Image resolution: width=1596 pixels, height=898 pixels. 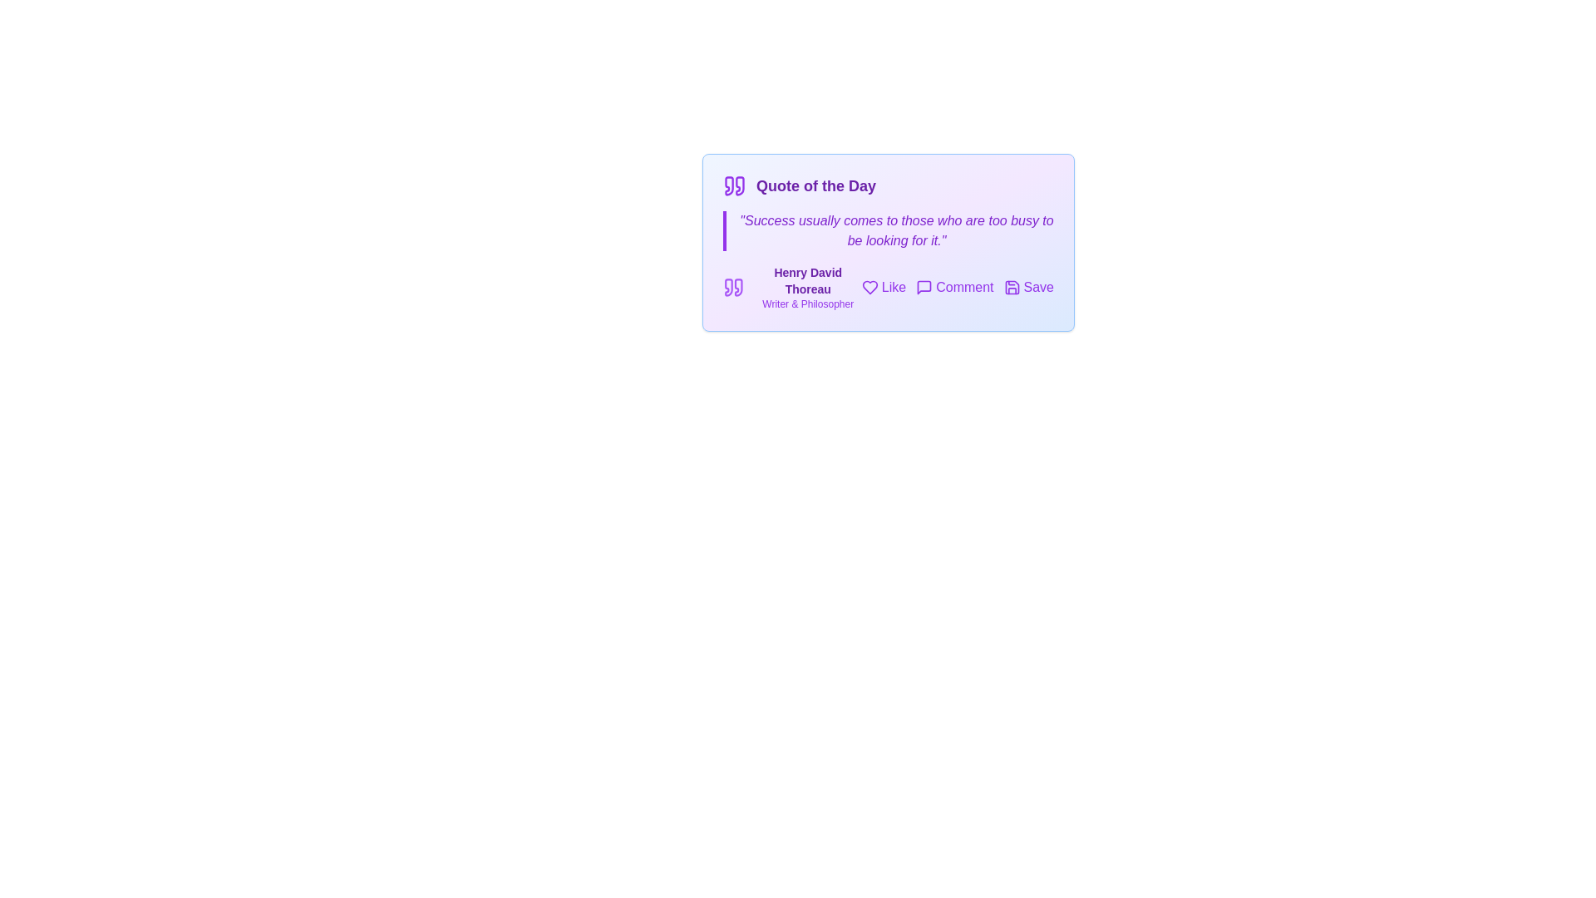 I want to click on the decorative quotation icon located on the left side of the 'Henry David Thoreau, Writer & Philosopher' text block, so click(x=732, y=287).